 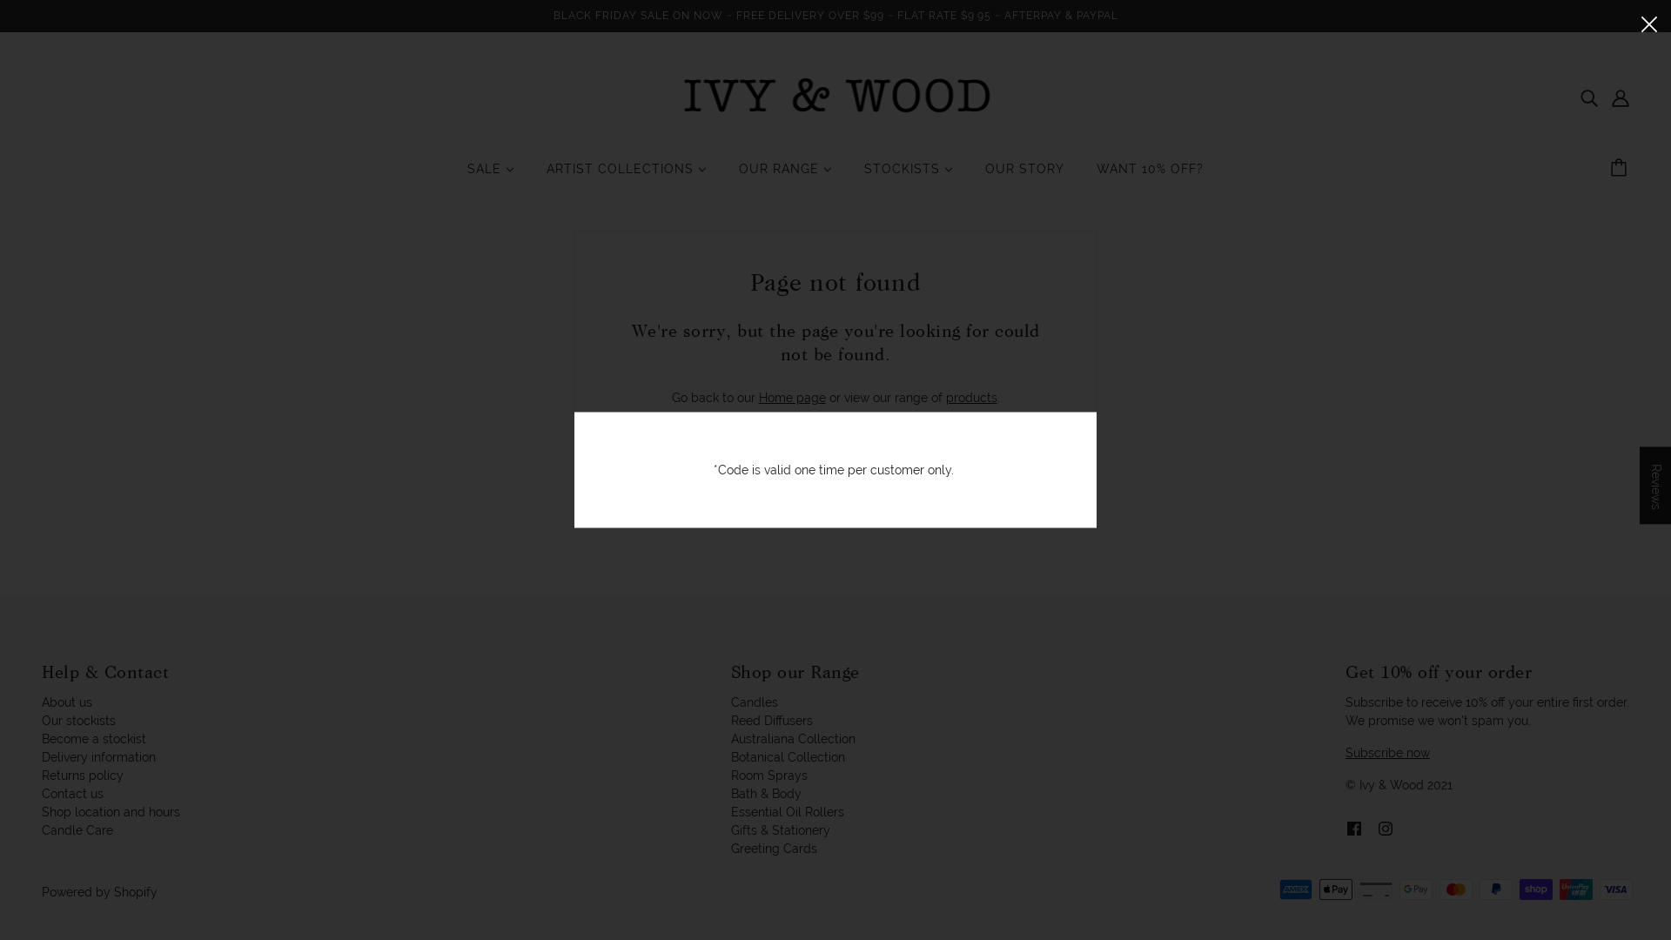 I want to click on 'Australiana Collection', so click(x=792, y=738).